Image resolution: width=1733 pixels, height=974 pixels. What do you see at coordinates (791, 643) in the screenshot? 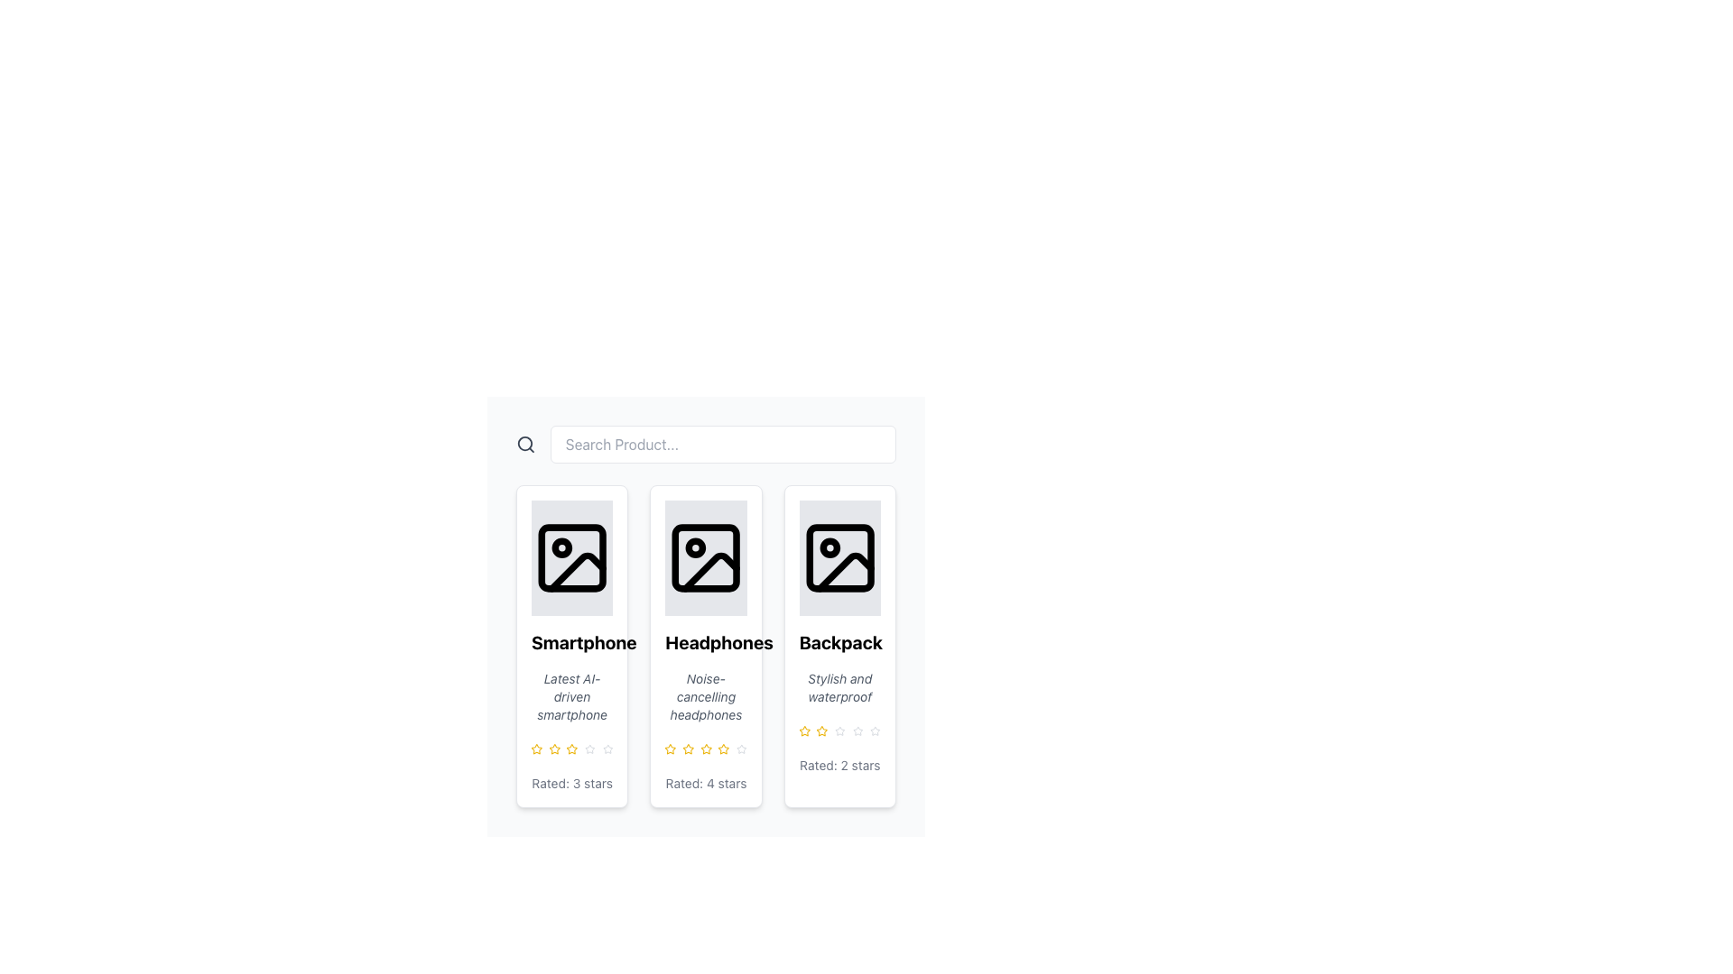
I see `the small green check mark icon located in the third column of the grid layout under the 'Backpack' item` at bounding box center [791, 643].